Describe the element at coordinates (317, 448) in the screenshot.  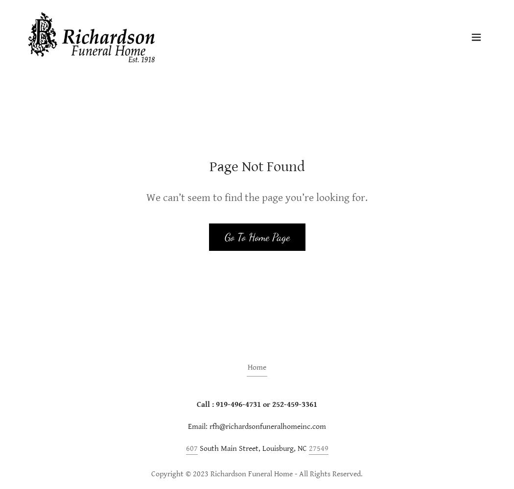
I see `'27549'` at that location.